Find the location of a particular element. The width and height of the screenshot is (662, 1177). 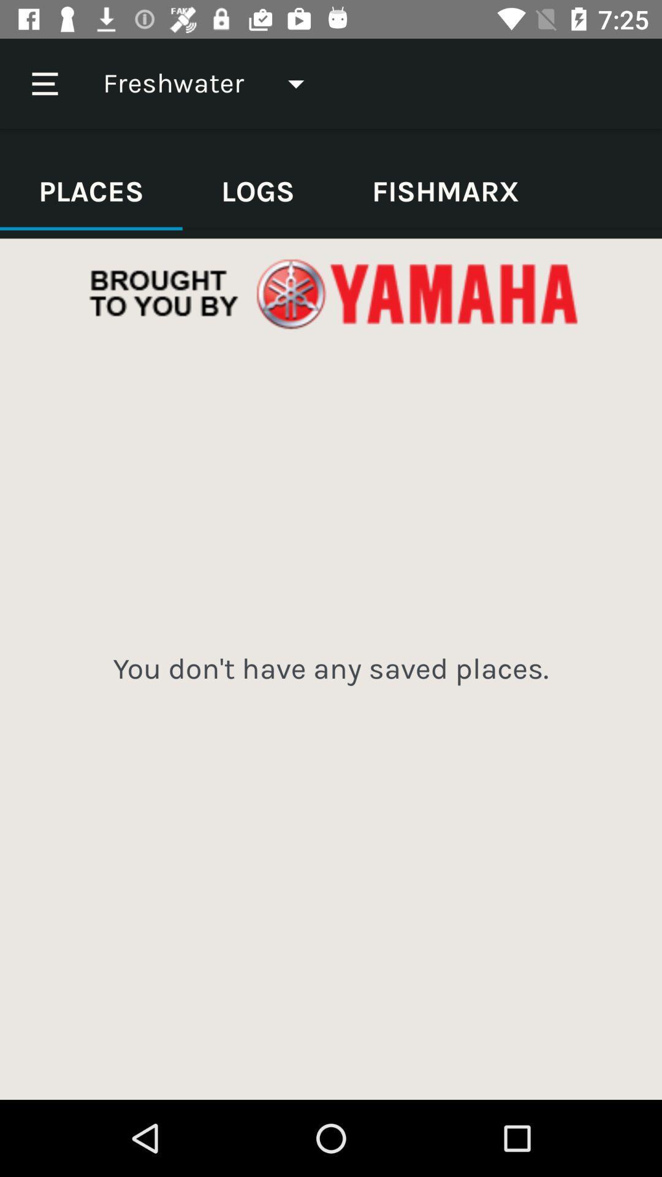

open yamaha advertisement is located at coordinates (331, 295).